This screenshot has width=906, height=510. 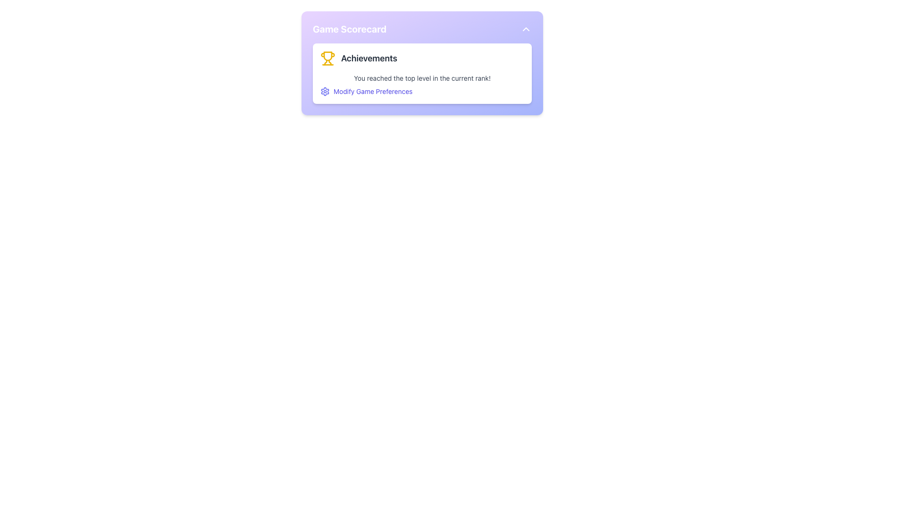 What do you see at coordinates (328, 58) in the screenshot?
I see `the trophy icon located in the 'Achievements' section, positioned to the left of the 'Achievements' text` at bounding box center [328, 58].